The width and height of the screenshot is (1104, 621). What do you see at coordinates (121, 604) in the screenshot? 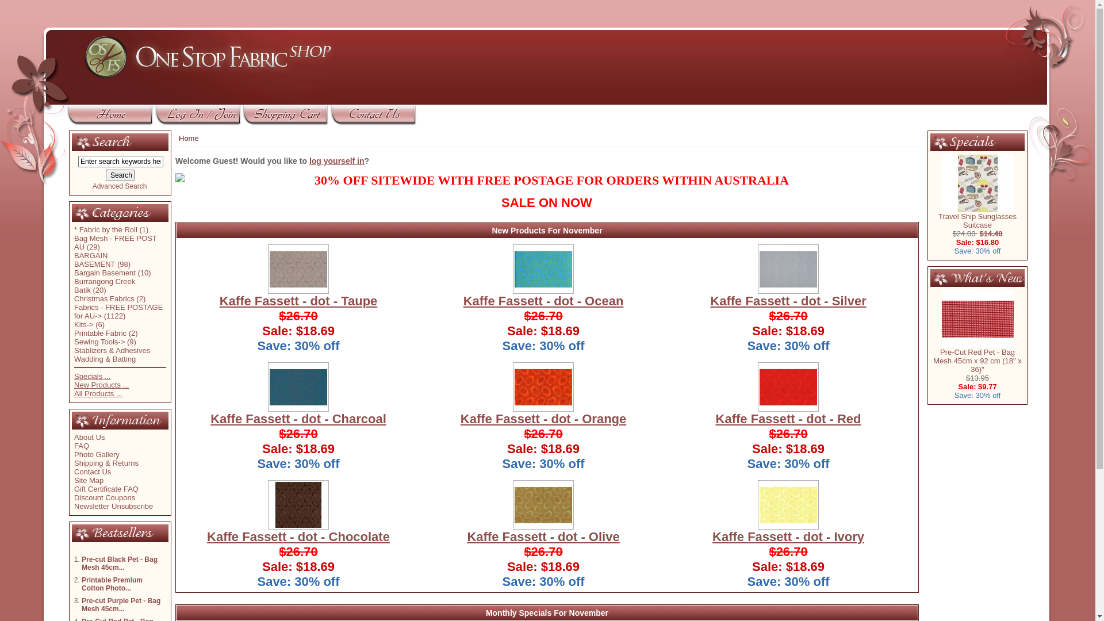
I see `'Pre-cut Purple Pet - Bag Mesh 45cm...'` at bounding box center [121, 604].